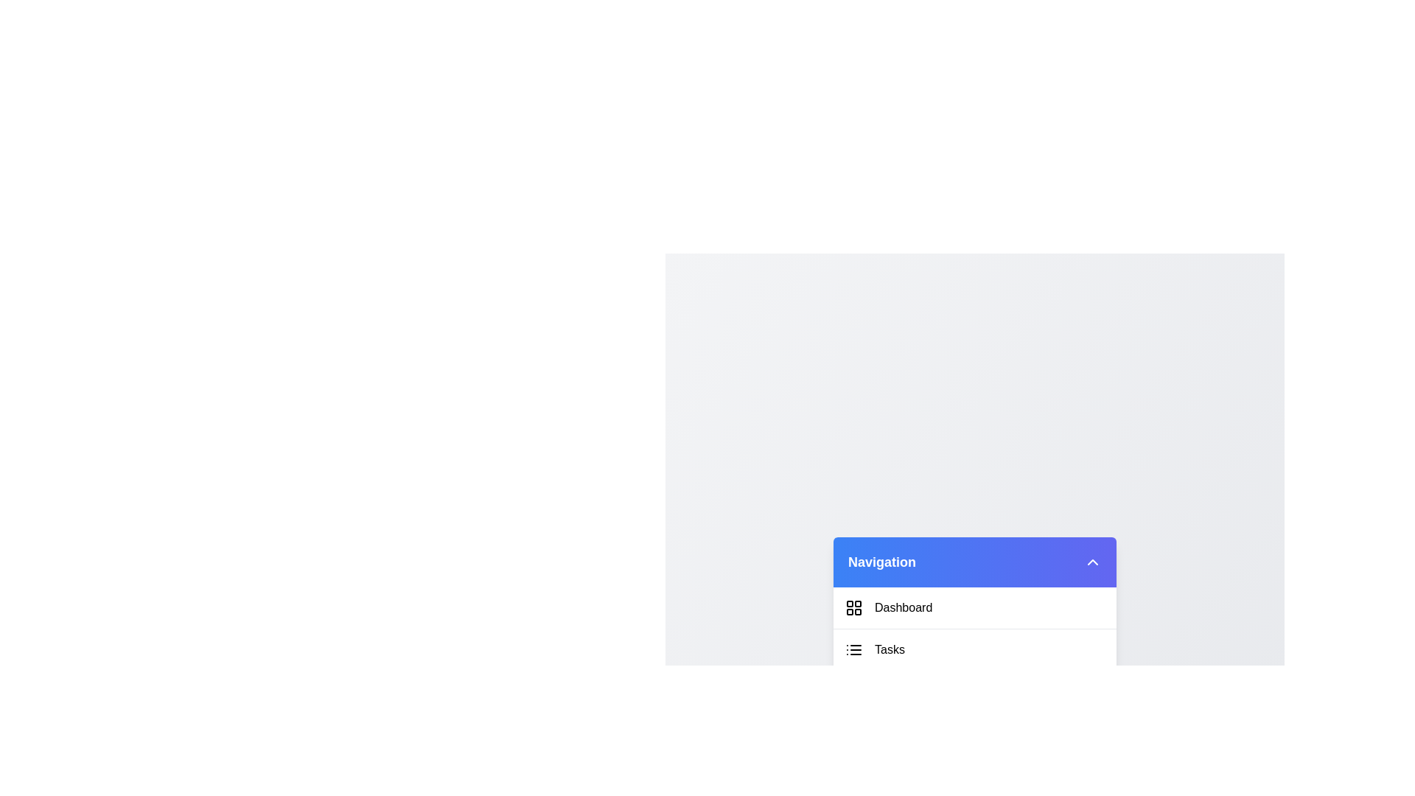 The image size is (1415, 796). I want to click on the menu item labeled Tasks, so click(884, 626).